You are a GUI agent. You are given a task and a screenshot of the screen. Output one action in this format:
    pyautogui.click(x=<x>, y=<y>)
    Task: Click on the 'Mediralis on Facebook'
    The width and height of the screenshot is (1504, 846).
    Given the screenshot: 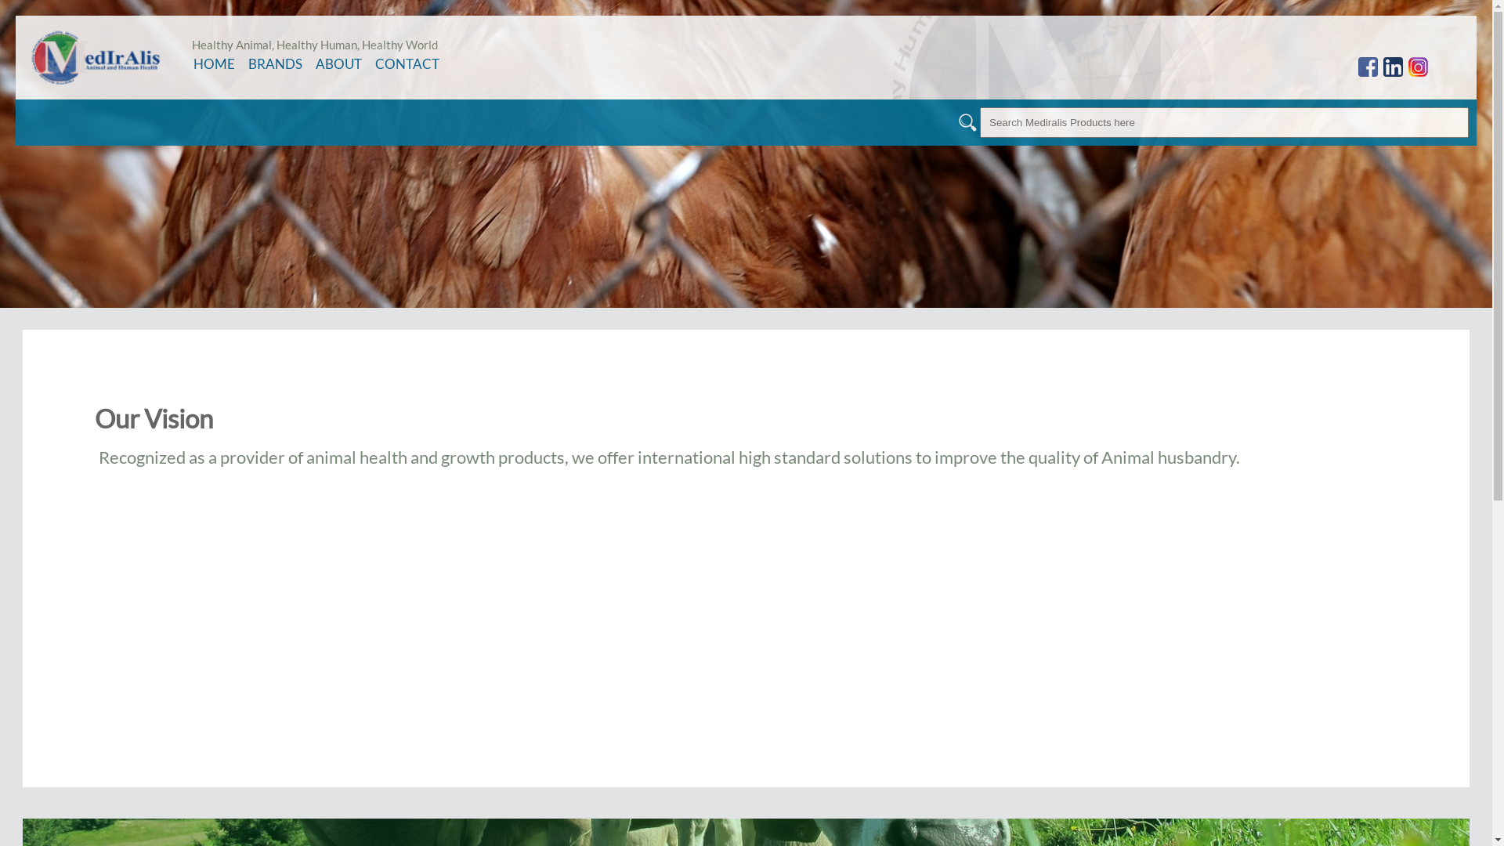 What is the action you would take?
    pyautogui.click(x=1357, y=66)
    